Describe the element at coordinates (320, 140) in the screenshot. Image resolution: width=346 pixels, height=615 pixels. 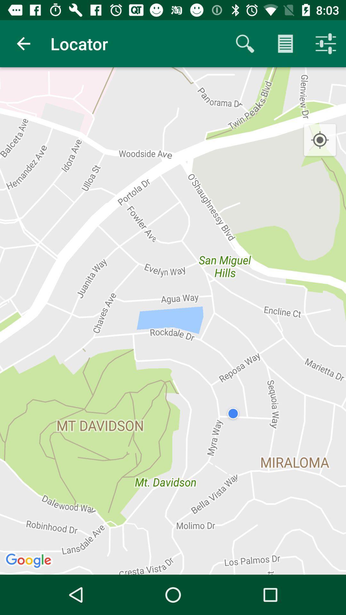
I see `the location_crosshair icon` at that location.